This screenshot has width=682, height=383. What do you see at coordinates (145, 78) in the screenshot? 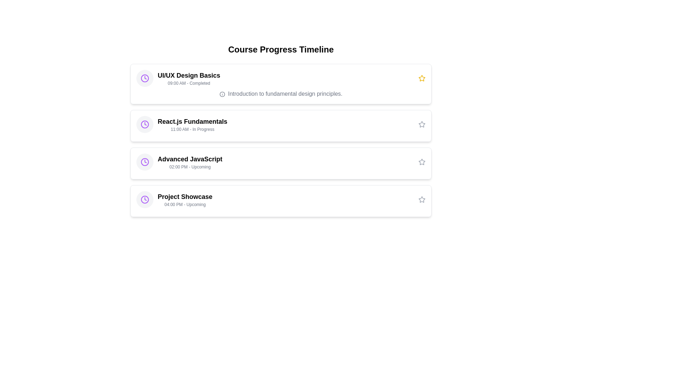
I see `the SVG graphical circle element that represents part of the clock icon for the 'React.js Fundamentals' course` at bounding box center [145, 78].